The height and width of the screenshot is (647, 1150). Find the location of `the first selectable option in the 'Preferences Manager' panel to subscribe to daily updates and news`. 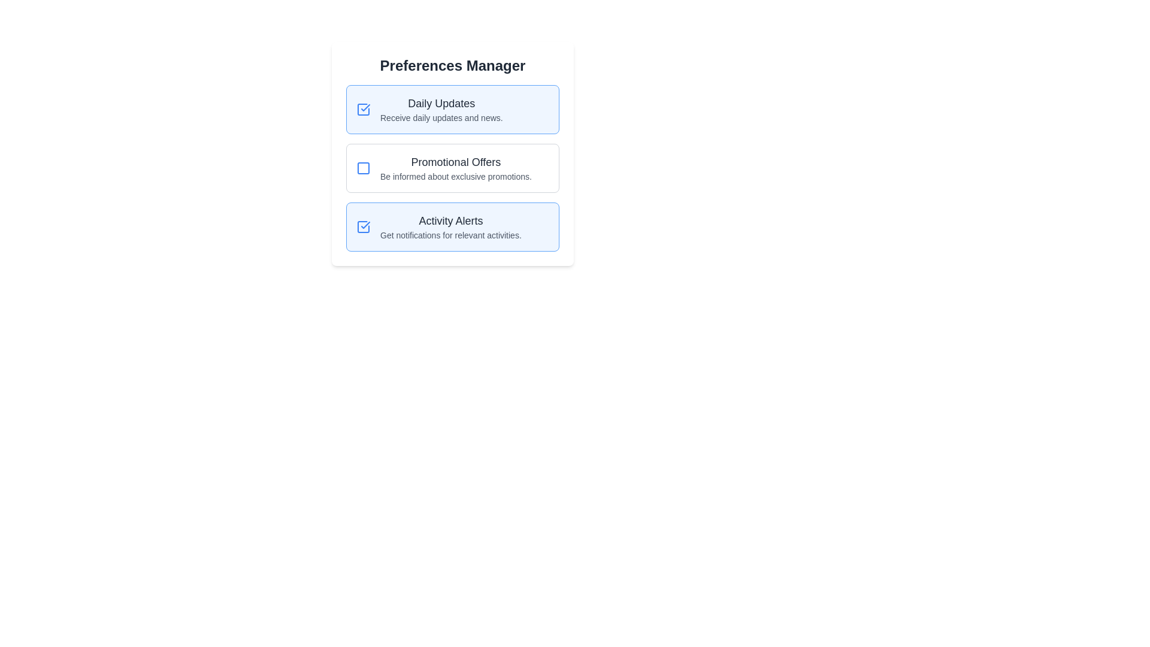

the first selectable option in the 'Preferences Manager' panel to subscribe to daily updates and news is located at coordinates (452, 109).